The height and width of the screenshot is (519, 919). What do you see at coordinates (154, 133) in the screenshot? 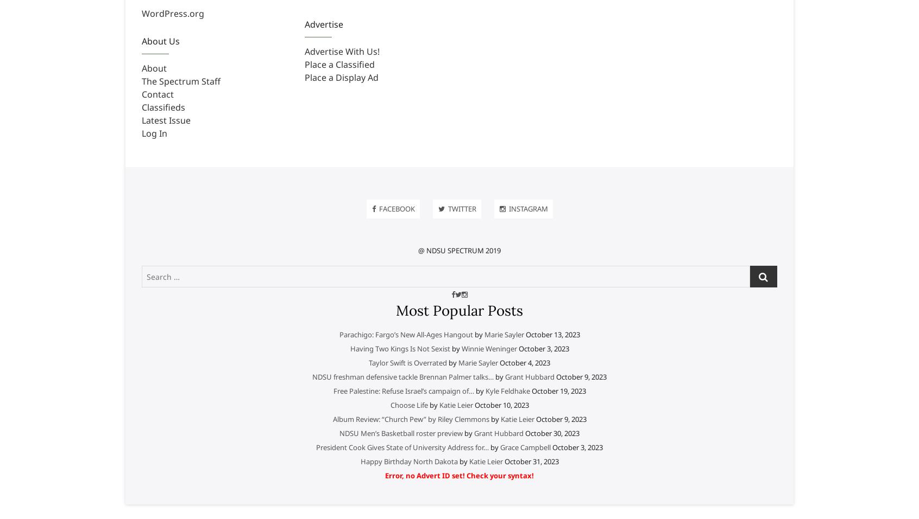
I see `'Log In'` at bounding box center [154, 133].